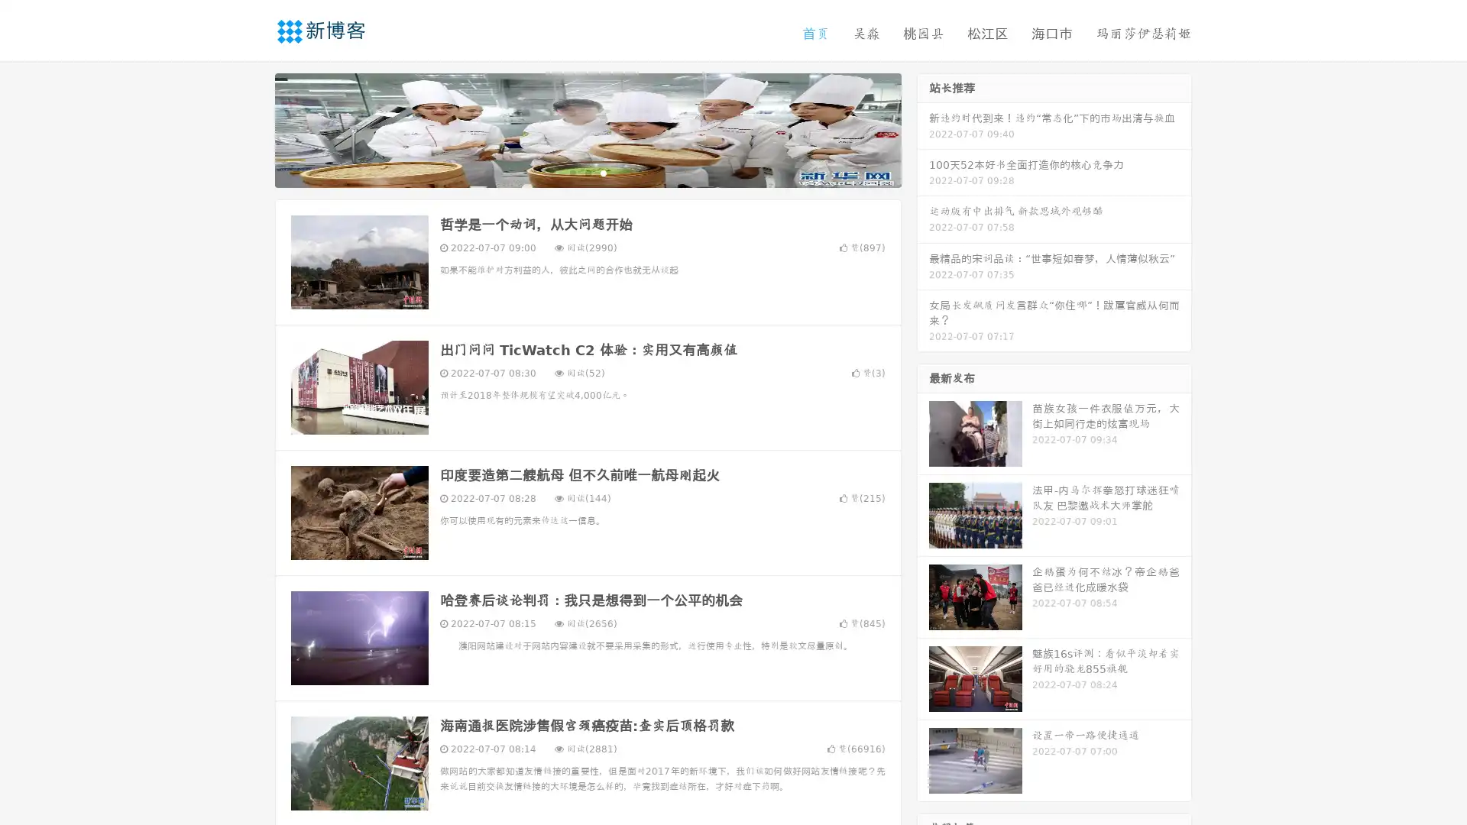 This screenshot has width=1467, height=825. I want to click on Go to slide 1, so click(572, 172).